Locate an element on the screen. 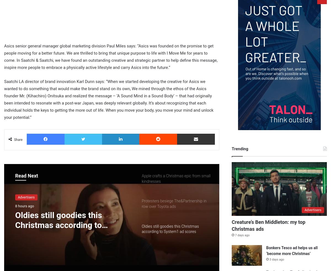  'Read Next' is located at coordinates (26, 176).